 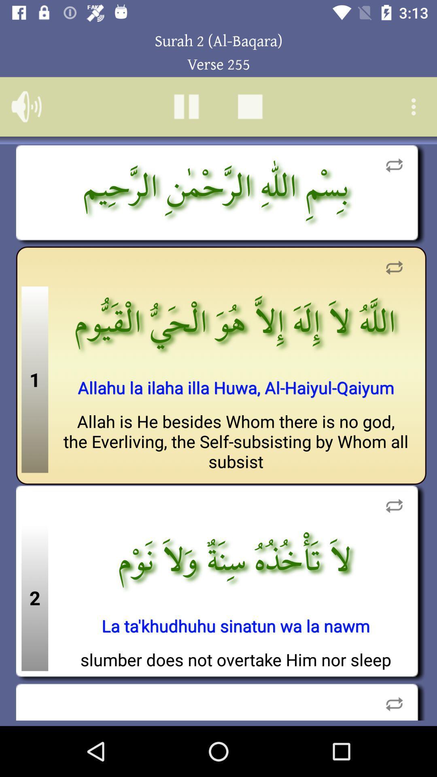 What do you see at coordinates (394, 505) in the screenshot?
I see `refresh area` at bounding box center [394, 505].